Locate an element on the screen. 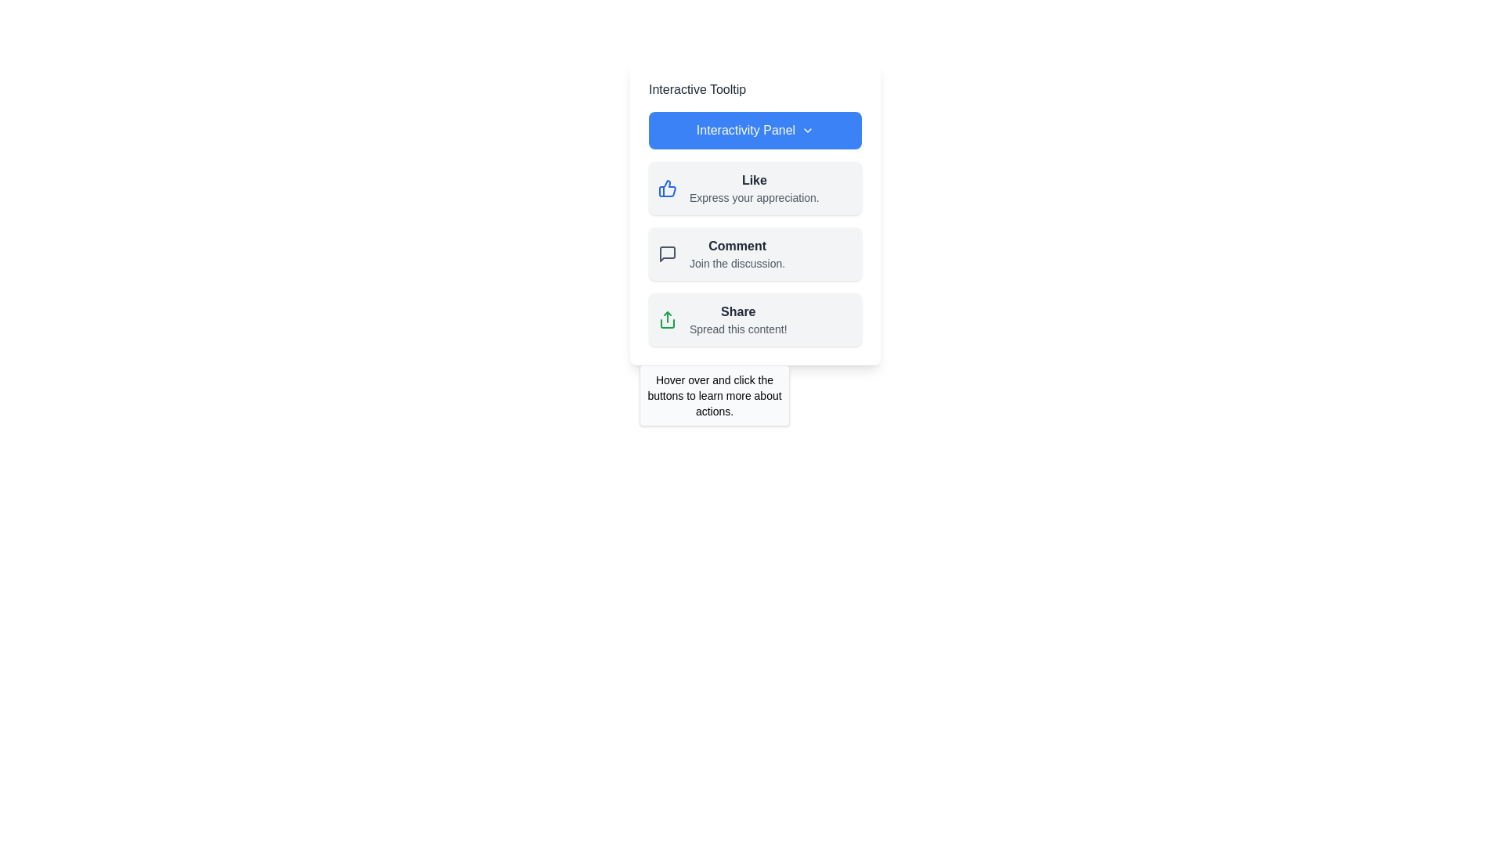  the 'Share' button, which is positioned below the 'Comment' button and features both an icon and textual labels indicating its function is located at coordinates (755, 318).